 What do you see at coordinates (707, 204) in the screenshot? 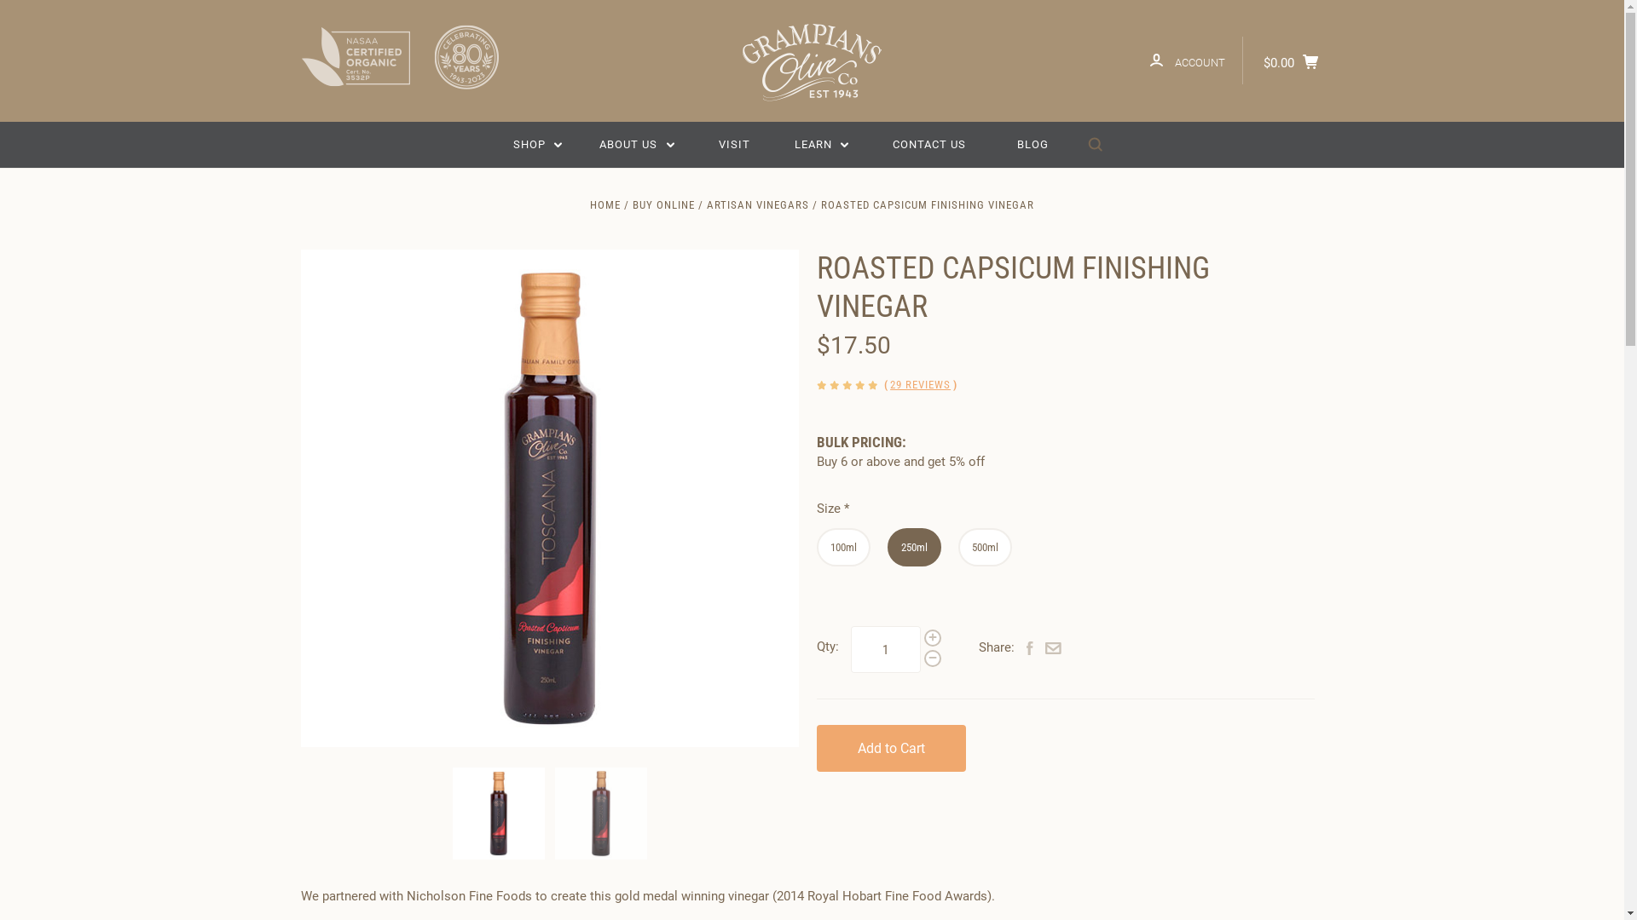
I see `'ARTISAN VINEGARS'` at bounding box center [707, 204].